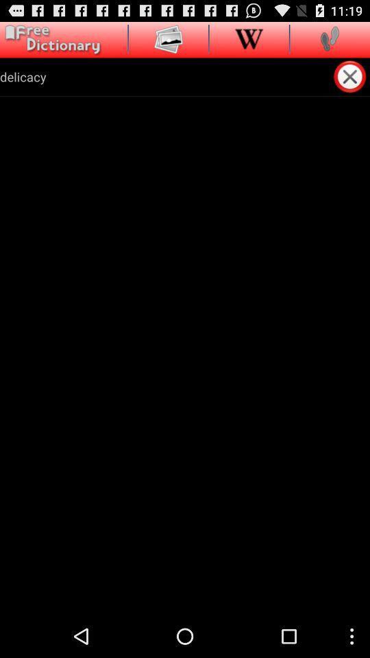 The image size is (370, 658). I want to click on item to the right of the delicacy, so click(351, 76).